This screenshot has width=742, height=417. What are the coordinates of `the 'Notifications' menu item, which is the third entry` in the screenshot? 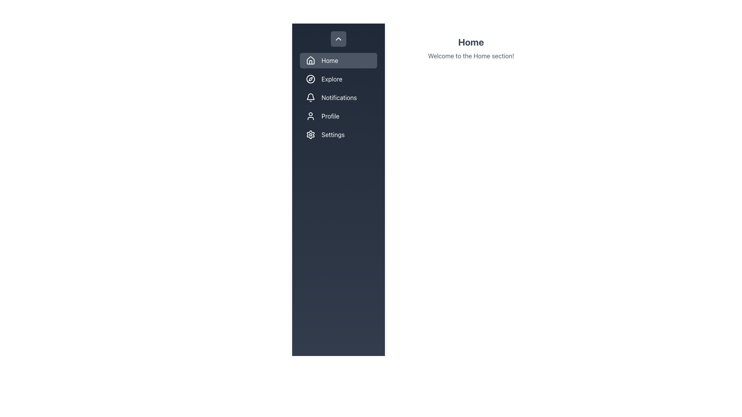 It's located at (338, 97).